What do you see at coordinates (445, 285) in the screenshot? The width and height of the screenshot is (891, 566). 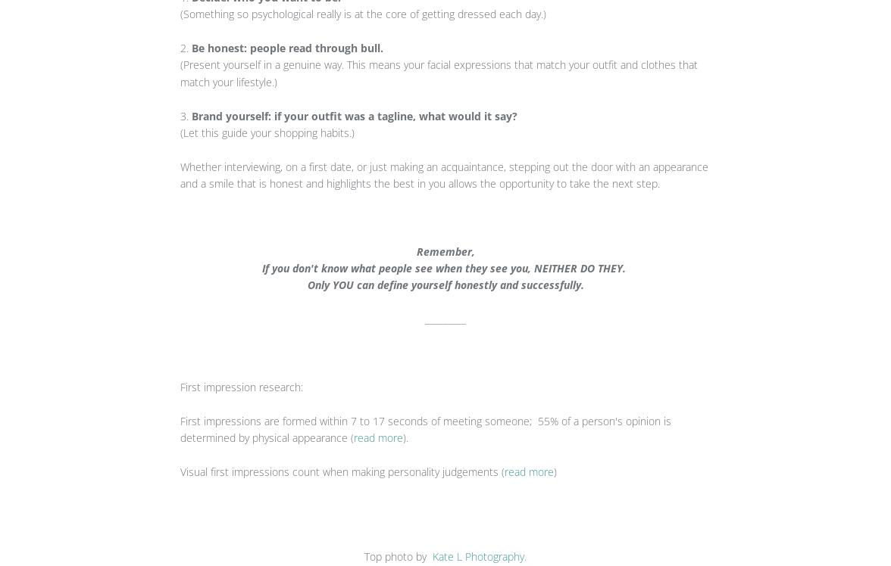 I see `'Only YOU can define yourself honestly and successfully.'` at bounding box center [445, 285].